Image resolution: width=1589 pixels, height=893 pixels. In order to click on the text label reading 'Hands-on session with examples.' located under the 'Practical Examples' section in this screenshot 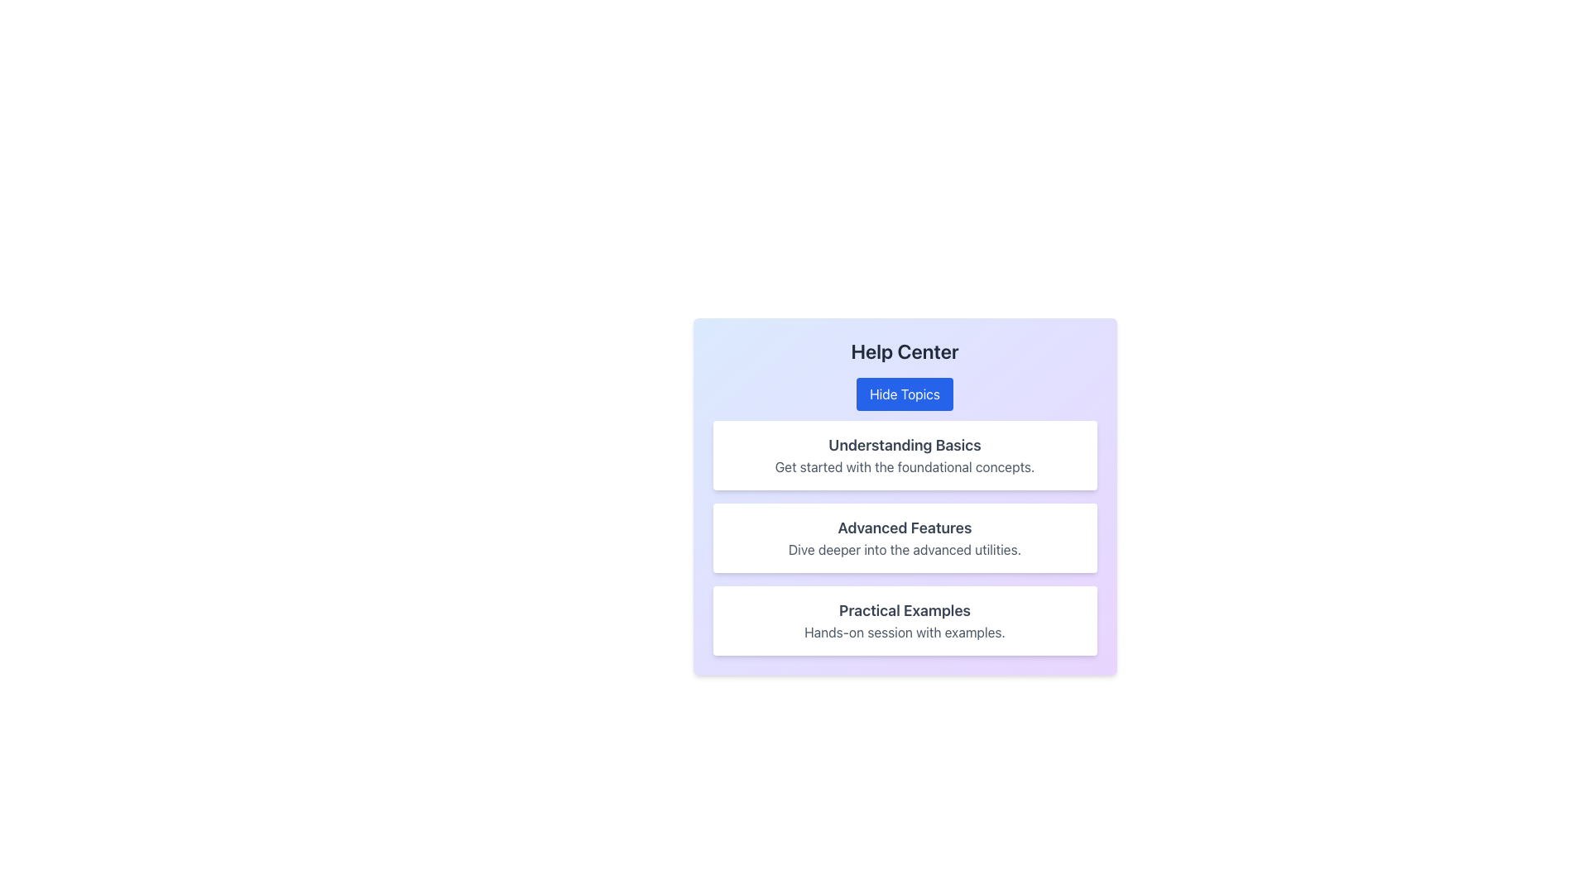, I will do `click(904, 632)`.